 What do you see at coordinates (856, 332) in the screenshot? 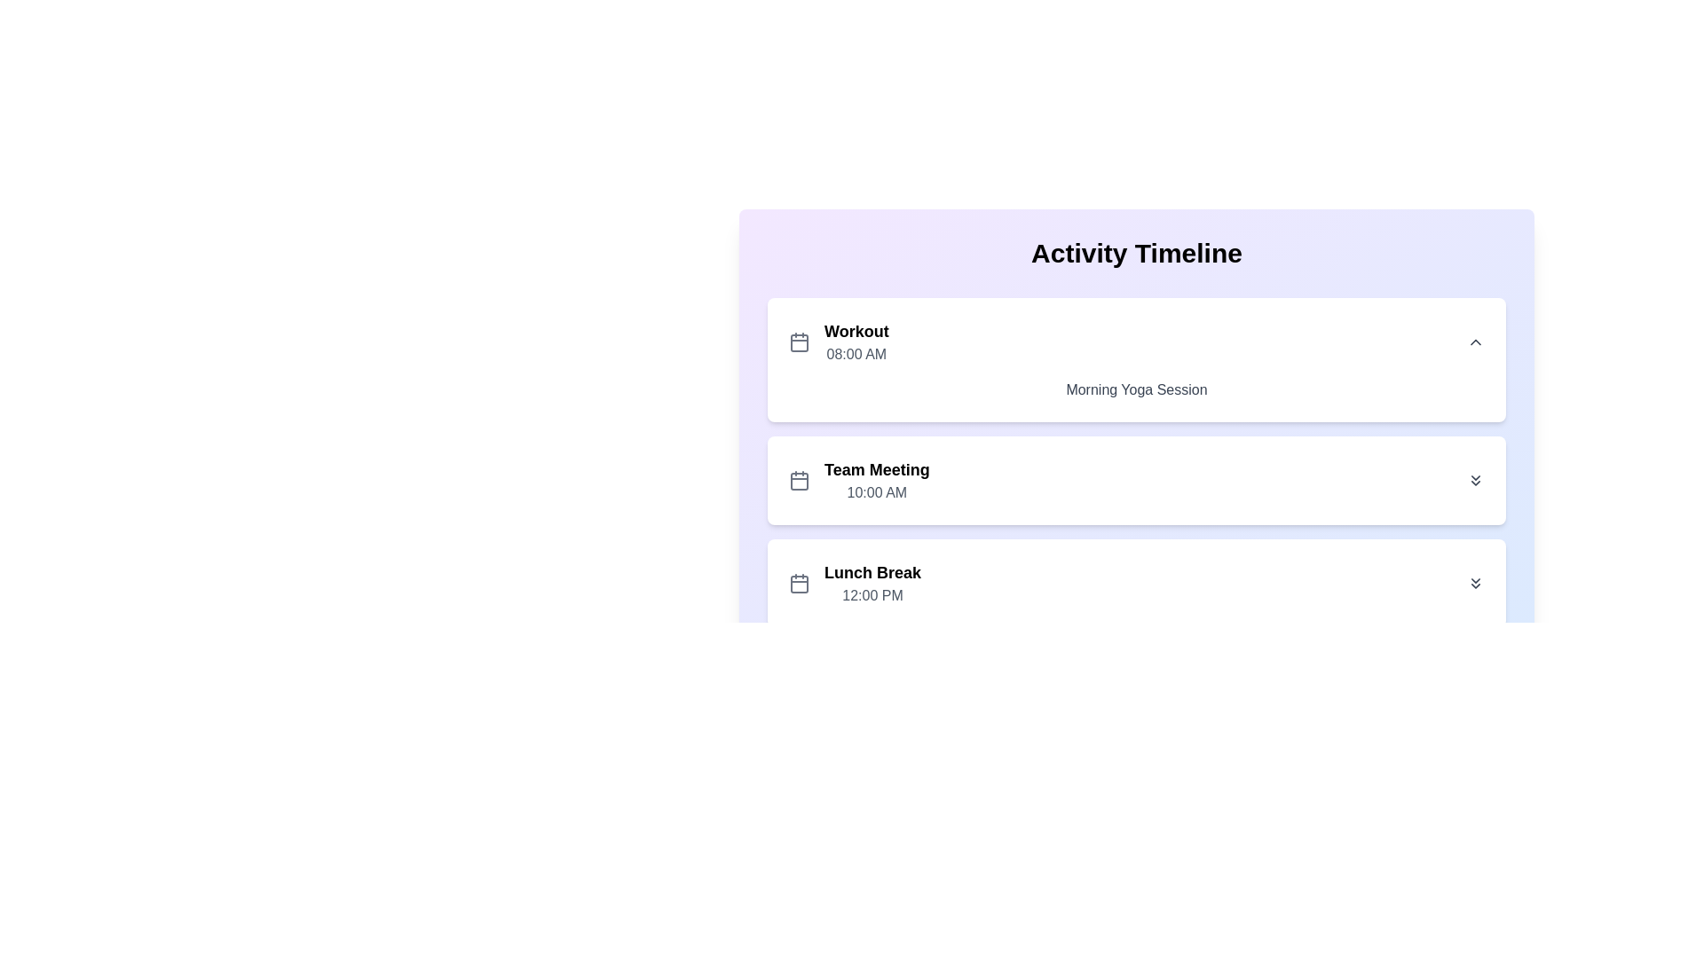
I see `the text label that serves as a title for the activity event in the 'Activity Timeline' section, located above the '08:00 AM' time label` at bounding box center [856, 332].